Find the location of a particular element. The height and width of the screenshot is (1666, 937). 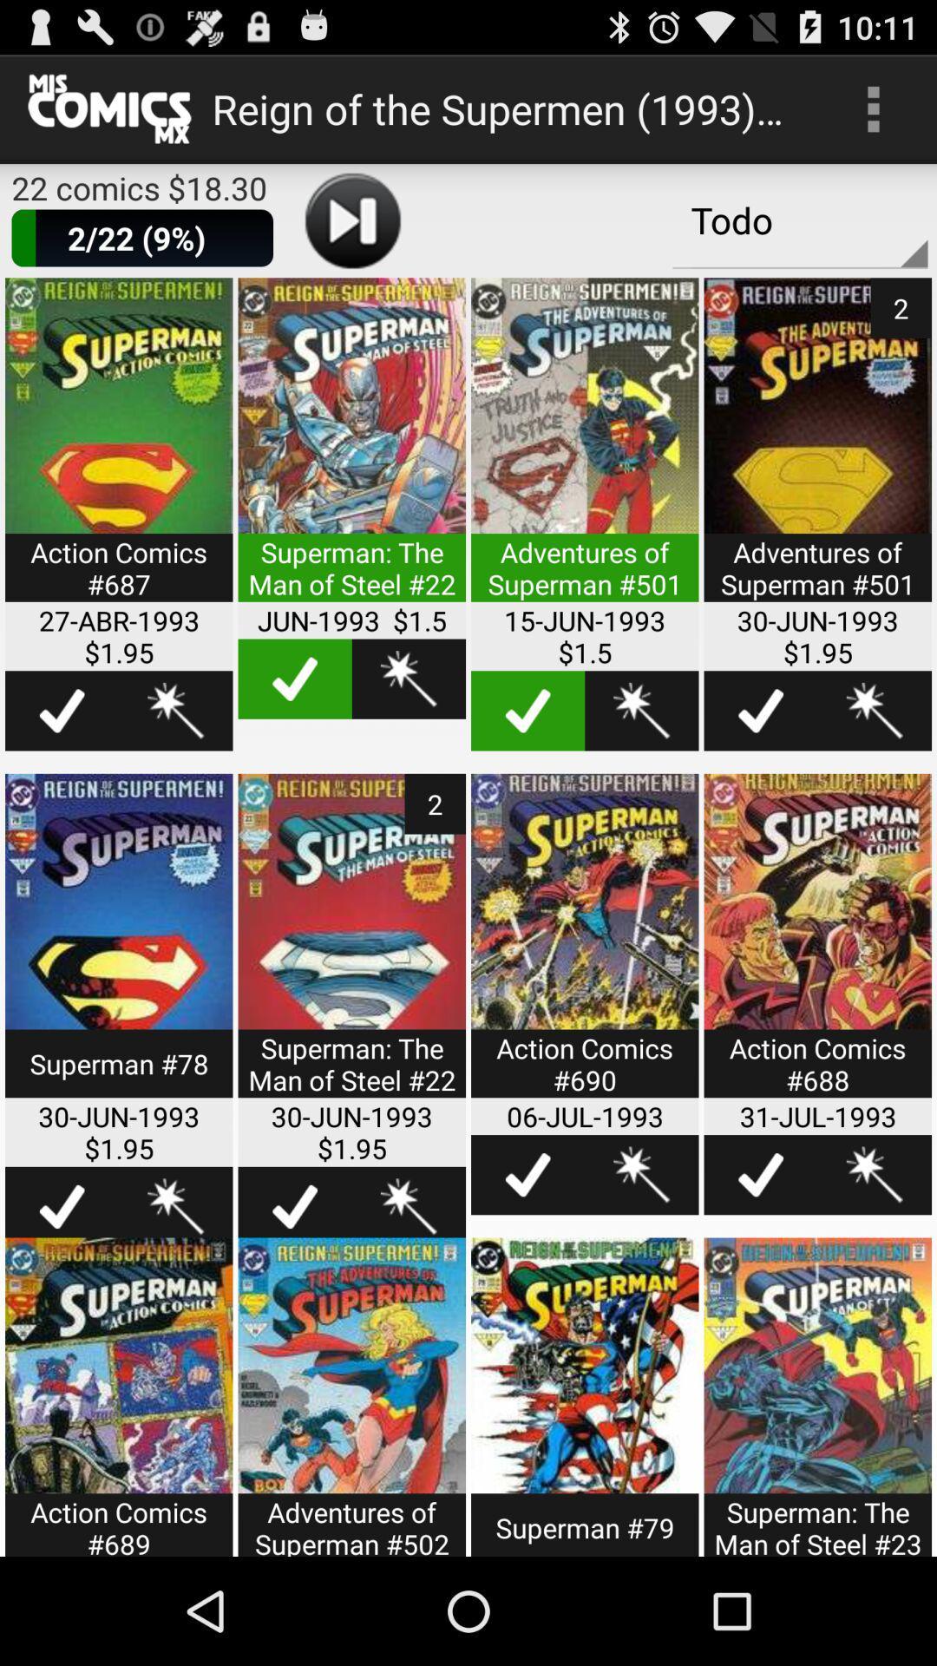

highlight this item is located at coordinates (527, 1175).